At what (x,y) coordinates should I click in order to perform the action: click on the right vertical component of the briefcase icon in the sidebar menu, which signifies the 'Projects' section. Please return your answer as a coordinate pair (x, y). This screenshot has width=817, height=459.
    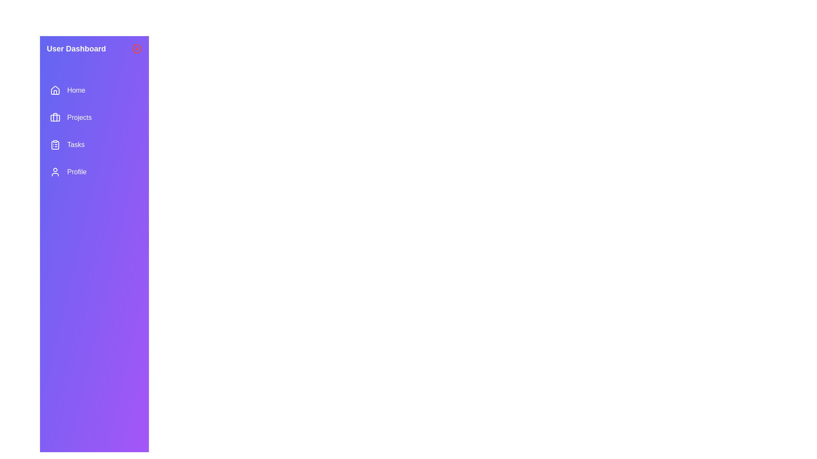
    Looking at the image, I should click on (54, 117).